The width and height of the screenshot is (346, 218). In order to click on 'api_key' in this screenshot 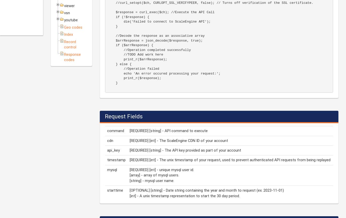, I will do `click(113, 150)`.